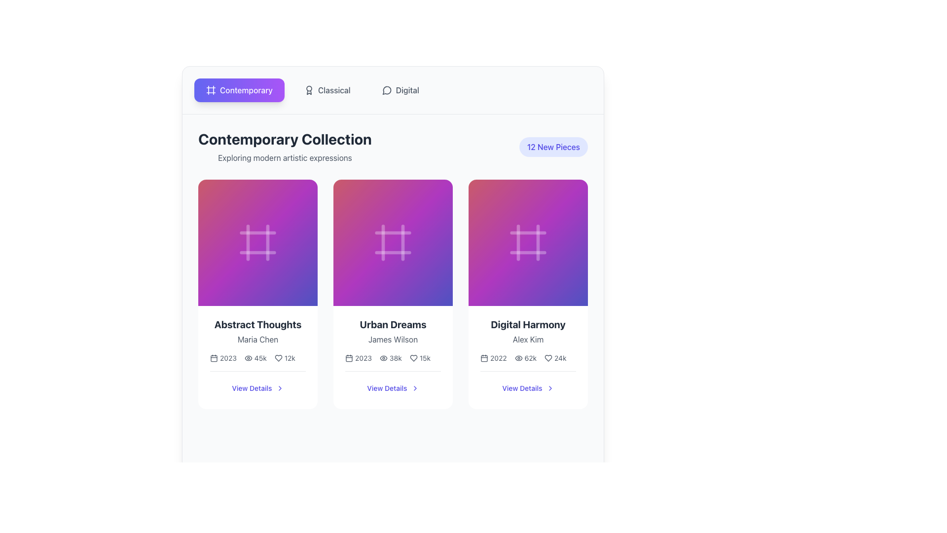 The image size is (947, 533). Describe the element at coordinates (527, 339) in the screenshot. I see `the text label displaying 'Alex Kim', which is located below 'Digital Harmony' and above a row of metadata in the rightmost column of a grid layout` at that location.